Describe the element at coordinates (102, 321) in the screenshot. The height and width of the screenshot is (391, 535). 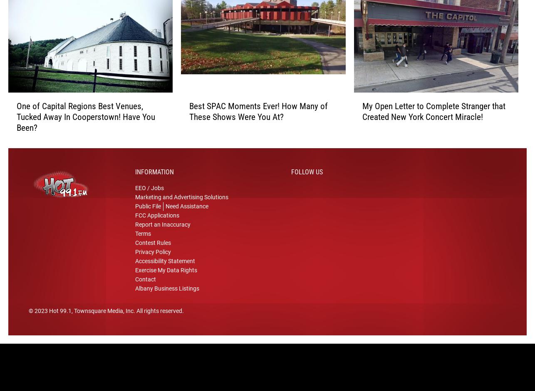
I see `', Townsquare Media, Inc'` at that location.